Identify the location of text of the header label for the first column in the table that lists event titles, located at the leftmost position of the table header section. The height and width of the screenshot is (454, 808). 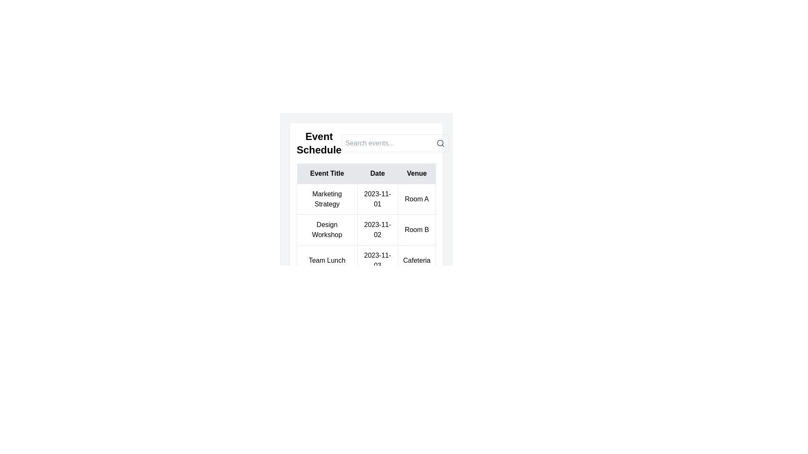
(327, 173).